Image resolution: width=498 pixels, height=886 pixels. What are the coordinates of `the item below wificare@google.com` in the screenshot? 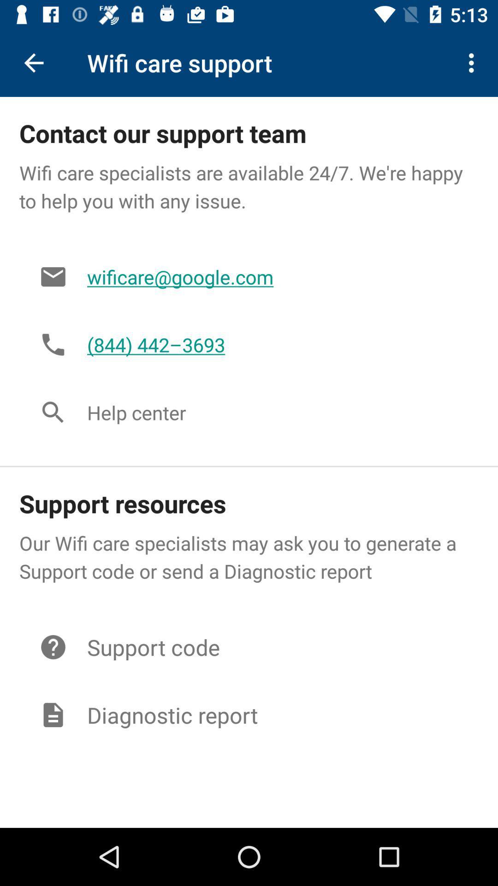 It's located at (273, 344).